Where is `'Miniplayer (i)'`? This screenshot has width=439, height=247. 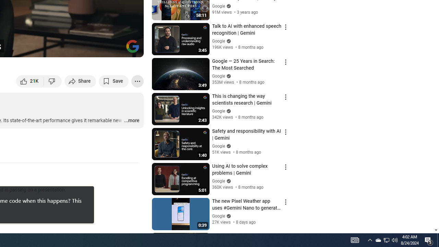 'Miniplayer (i)' is located at coordinates (98, 48).